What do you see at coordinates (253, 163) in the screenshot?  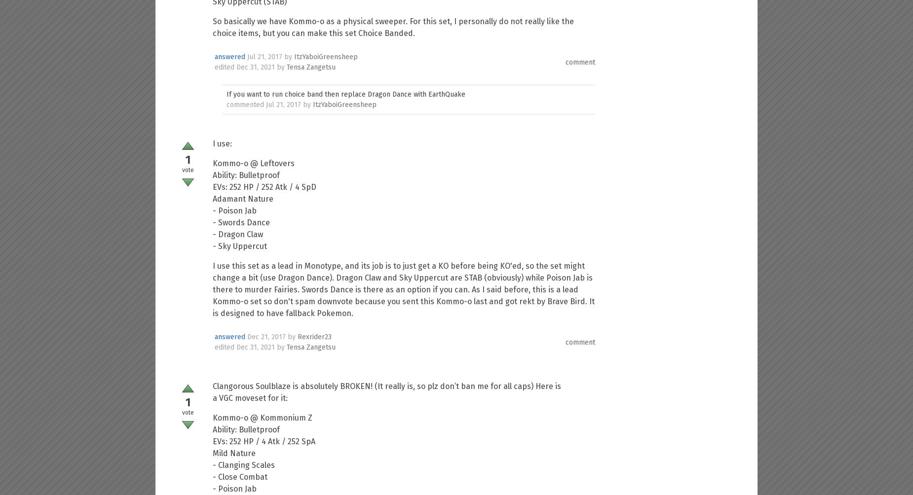 I see `'Kommo-o @ Leftovers'` at bounding box center [253, 163].